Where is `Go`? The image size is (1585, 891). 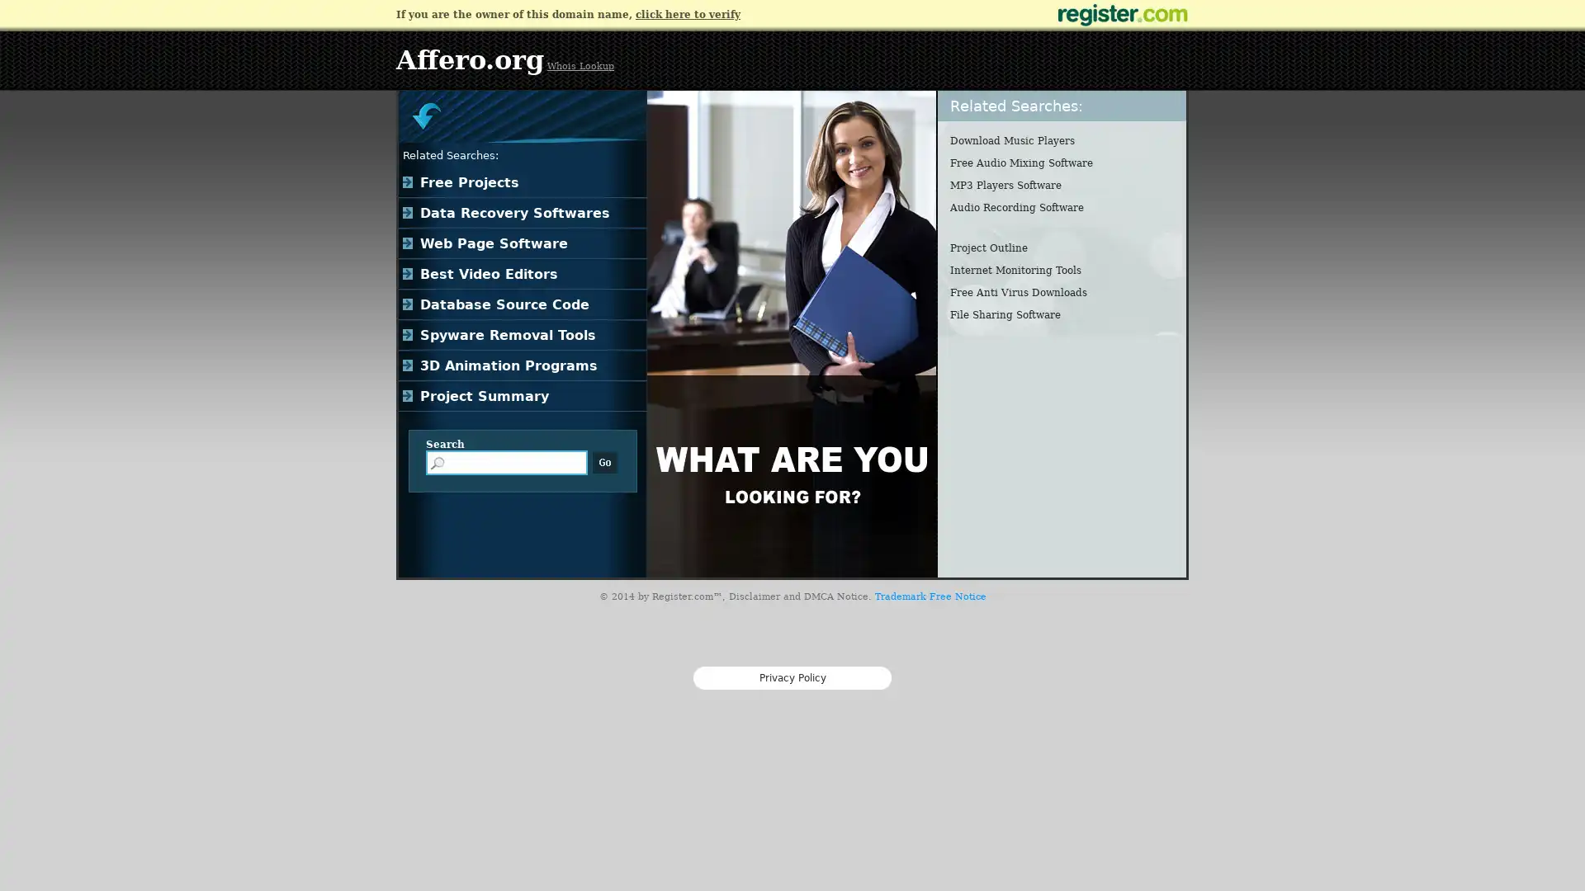
Go is located at coordinates (604, 462).